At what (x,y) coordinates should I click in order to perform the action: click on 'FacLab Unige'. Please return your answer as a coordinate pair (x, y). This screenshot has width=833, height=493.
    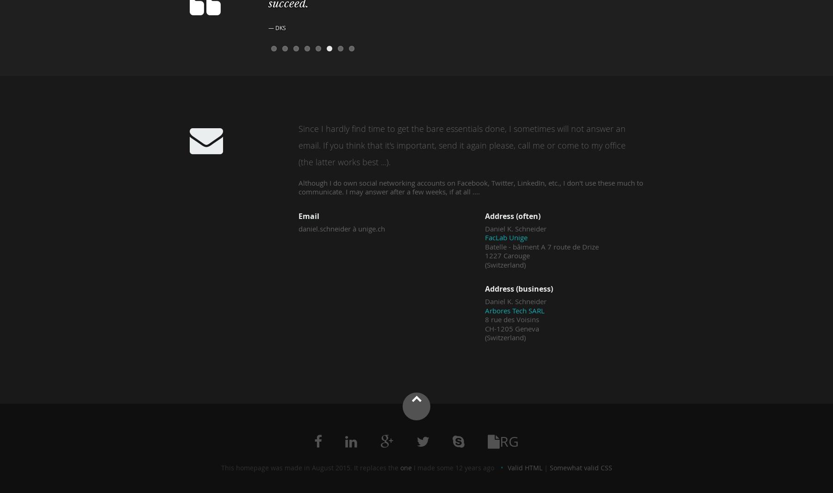
    Looking at the image, I should click on (505, 237).